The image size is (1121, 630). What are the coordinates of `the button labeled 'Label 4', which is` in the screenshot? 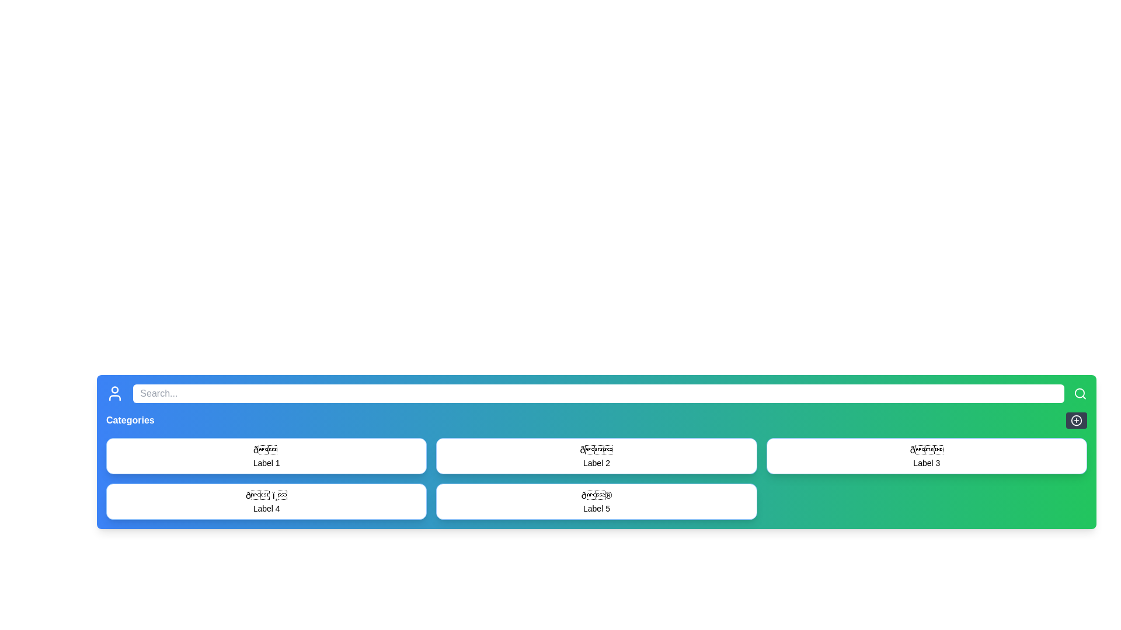 It's located at (266, 501).